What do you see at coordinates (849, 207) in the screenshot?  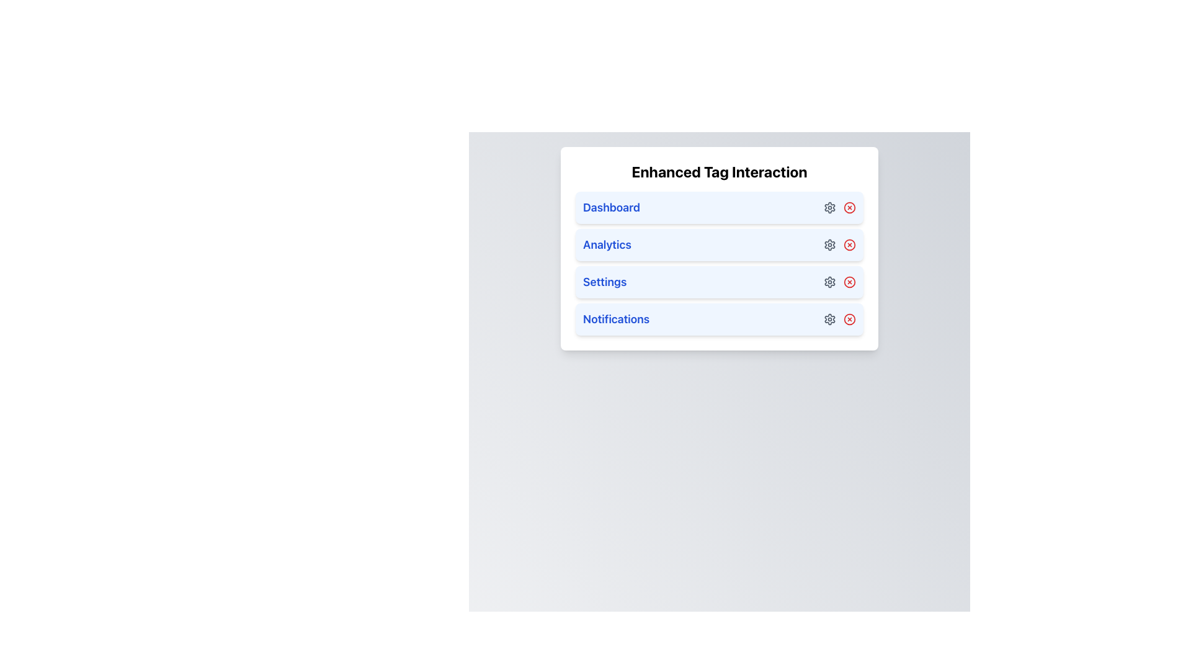 I see `the delete button located at the right end of the row labeled 'Dashboard' in the 'Enhanced Tag Interaction' list` at bounding box center [849, 207].